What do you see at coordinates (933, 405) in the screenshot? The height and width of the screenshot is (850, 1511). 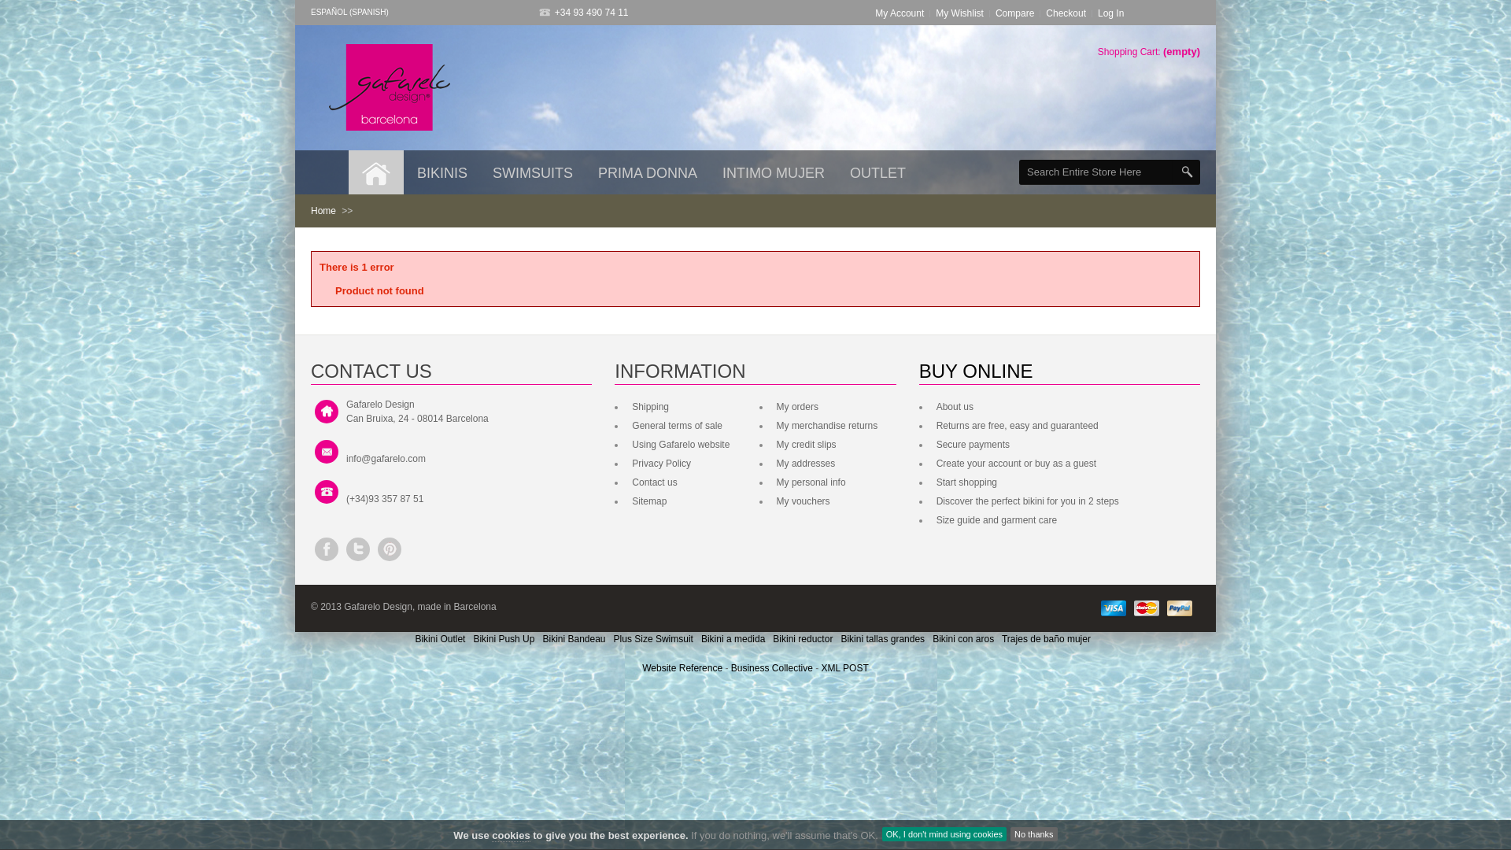 I see `'About us'` at bounding box center [933, 405].